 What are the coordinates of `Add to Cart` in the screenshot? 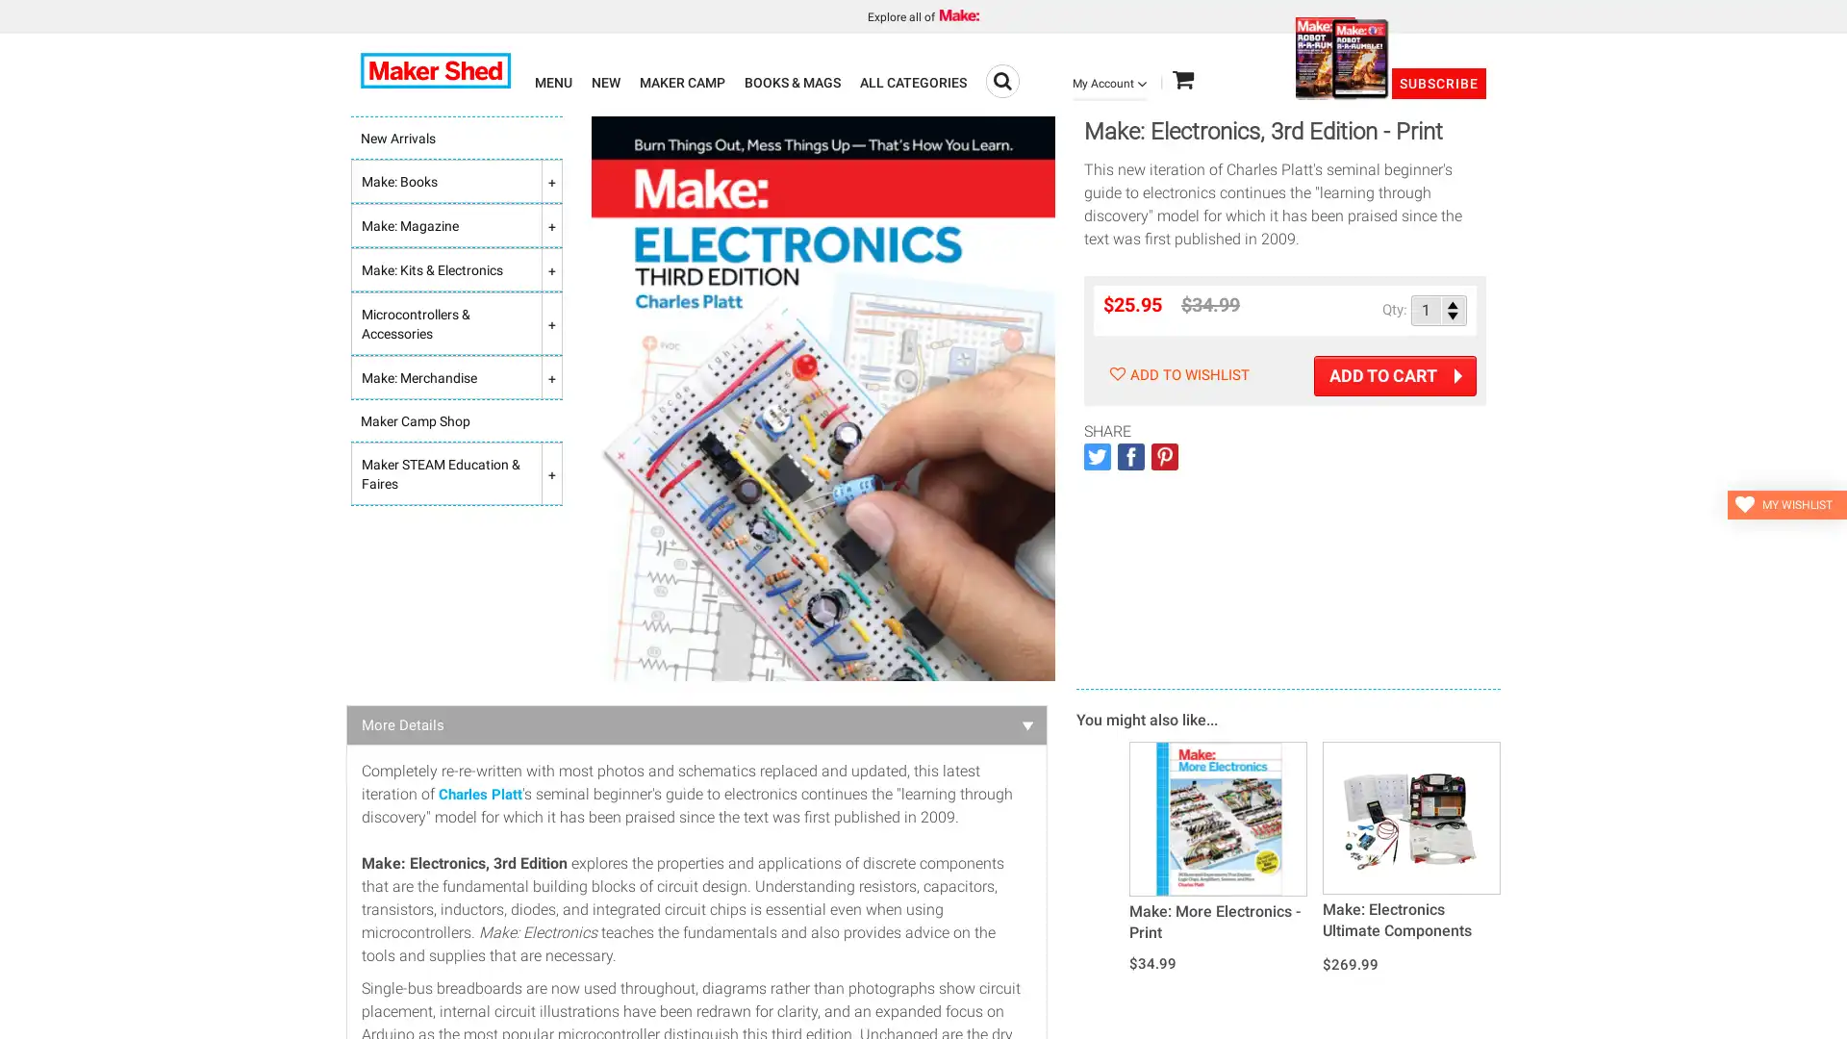 It's located at (1395, 375).